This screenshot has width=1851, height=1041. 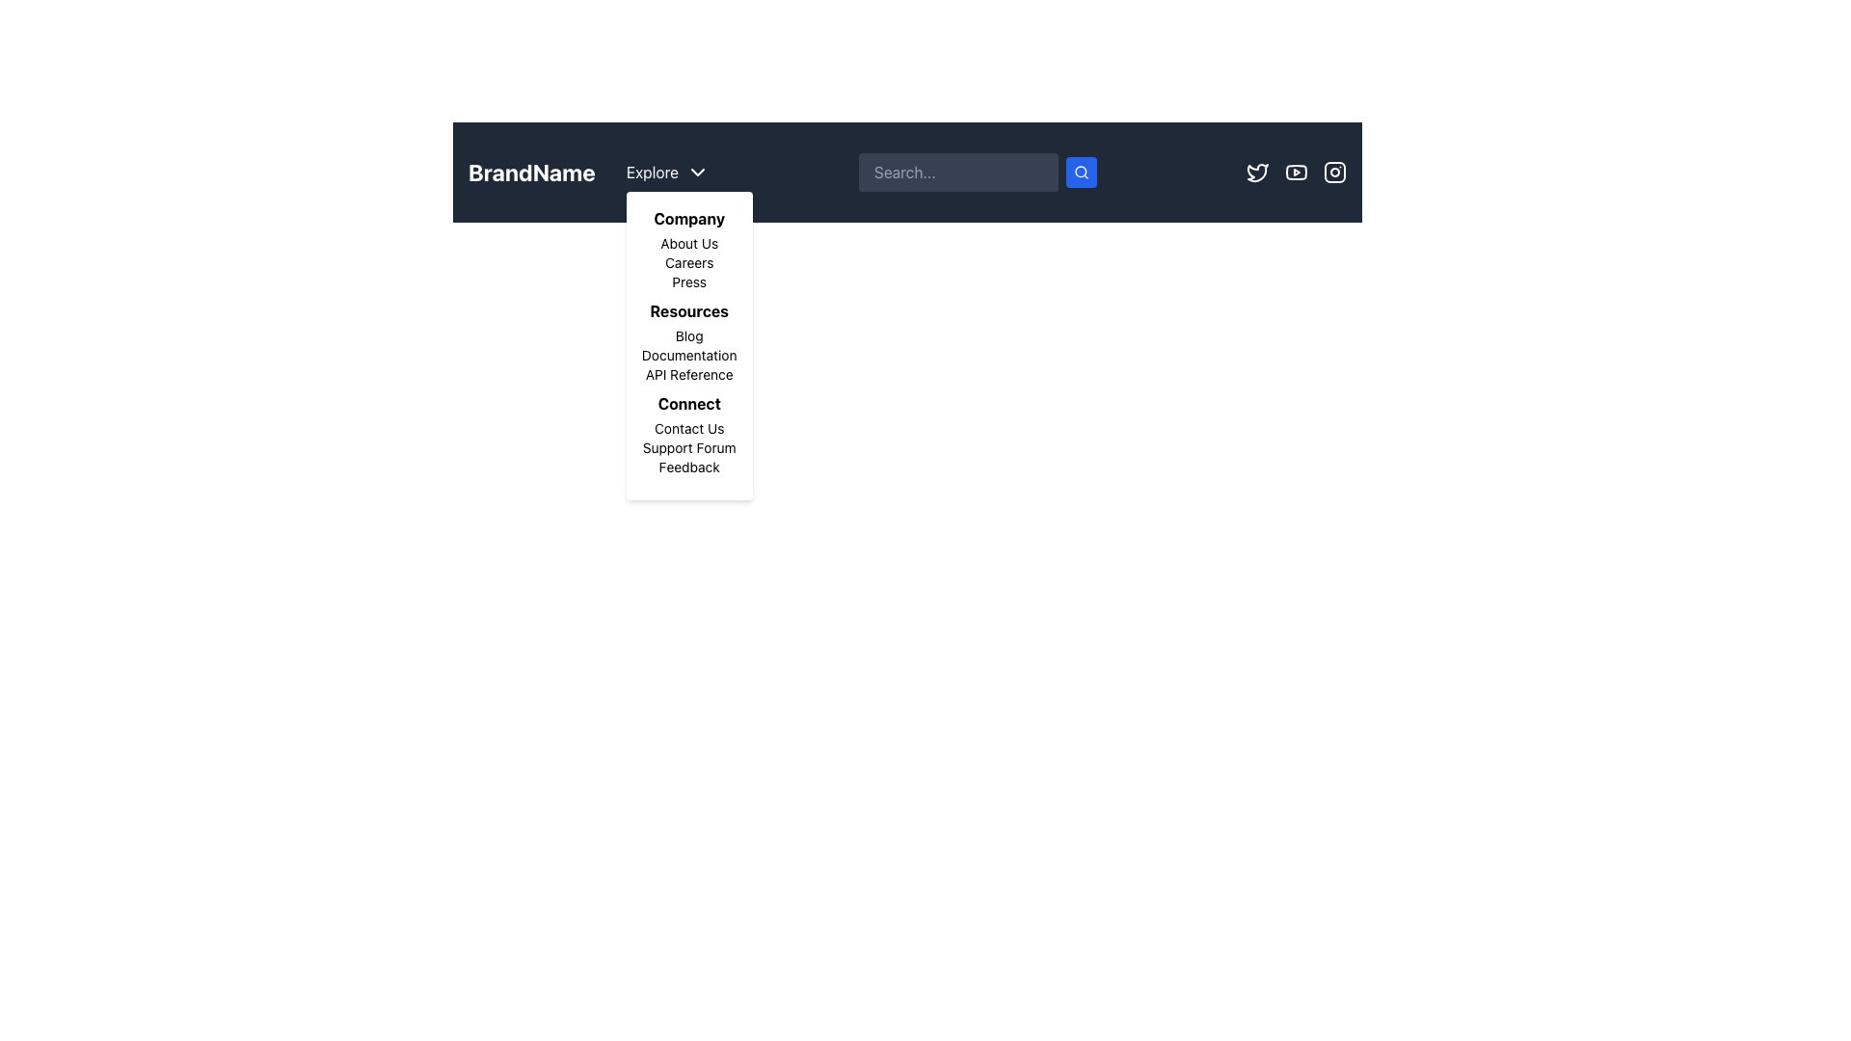 I want to click on the 'Explore' dropdown menu located in the top navigation bar, styled with white text on a dark background, so click(x=667, y=171).